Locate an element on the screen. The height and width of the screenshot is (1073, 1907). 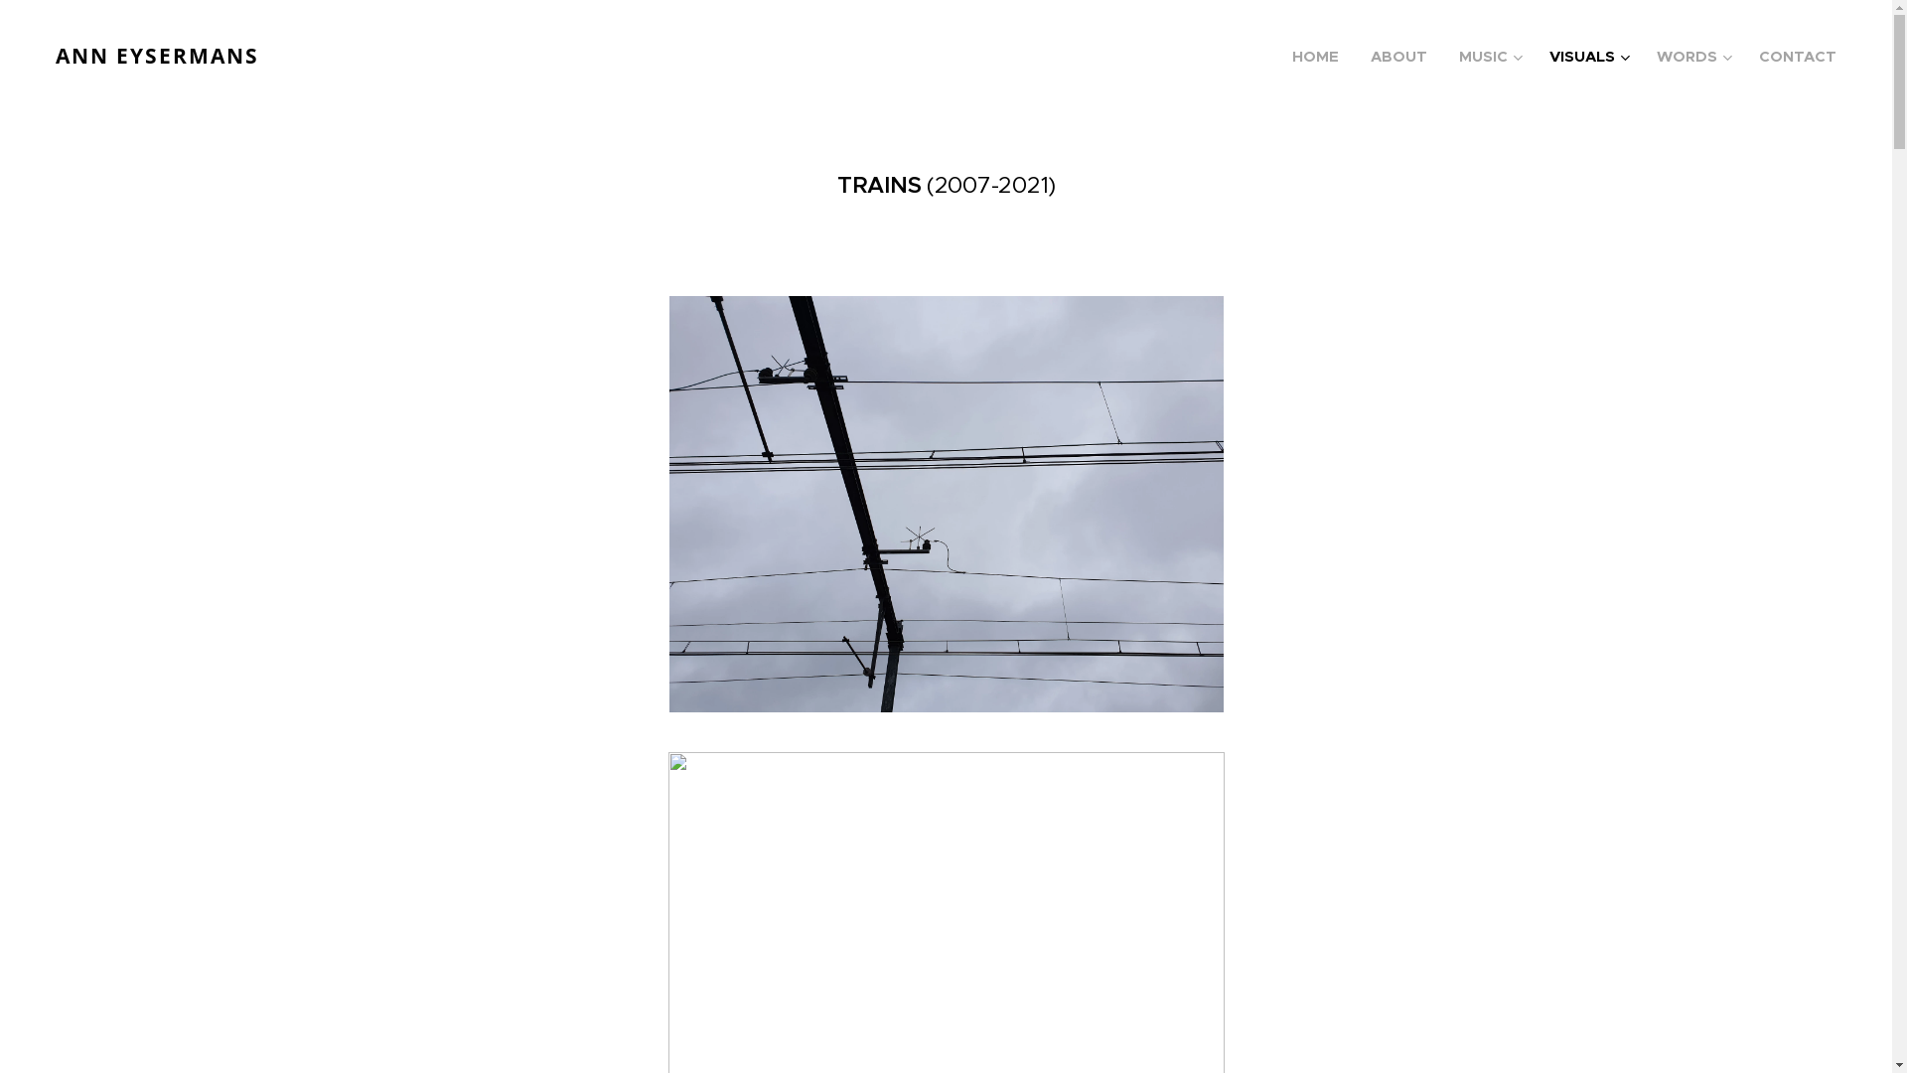
'VISUALS' is located at coordinates (1586, 56).